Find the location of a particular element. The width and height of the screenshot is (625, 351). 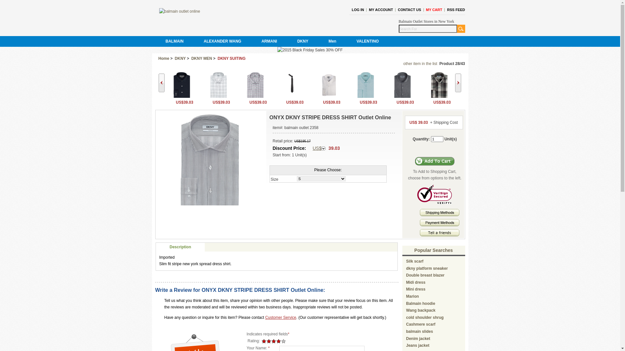

'MY ACCOUNT' is located at coordinates (381, 10).